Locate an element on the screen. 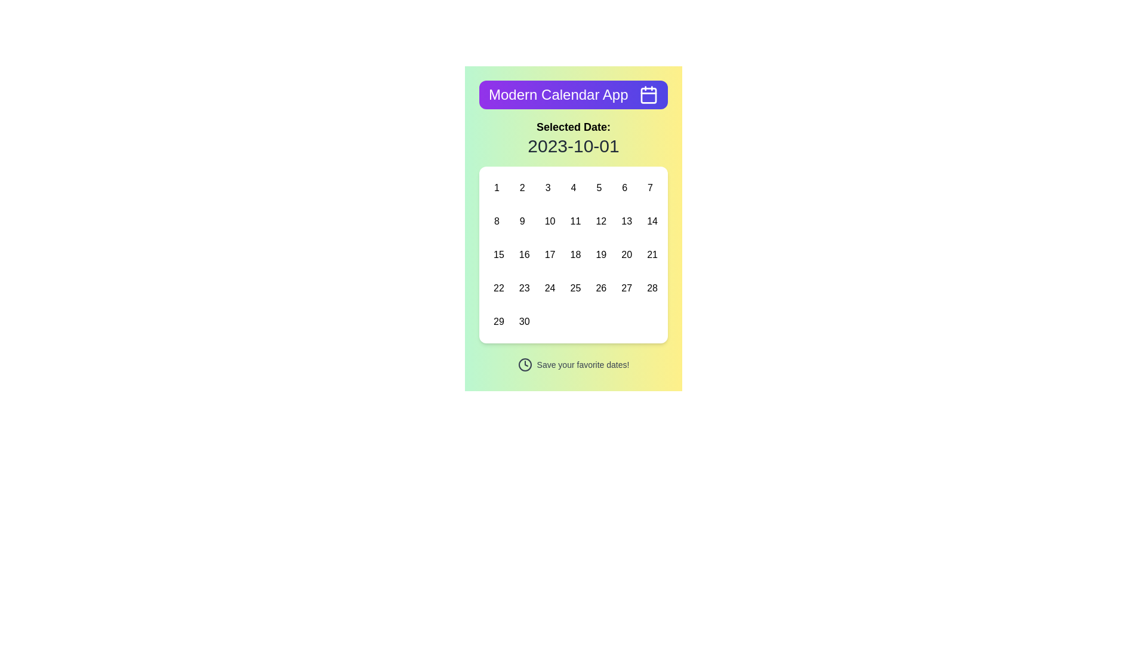 Image resolution: width=1146 pixels, height=645 pixels. the clickable calendar day representation displaying the number '19' in the third row and fifth column of the calendar layout is located at coordinates (599, 254).